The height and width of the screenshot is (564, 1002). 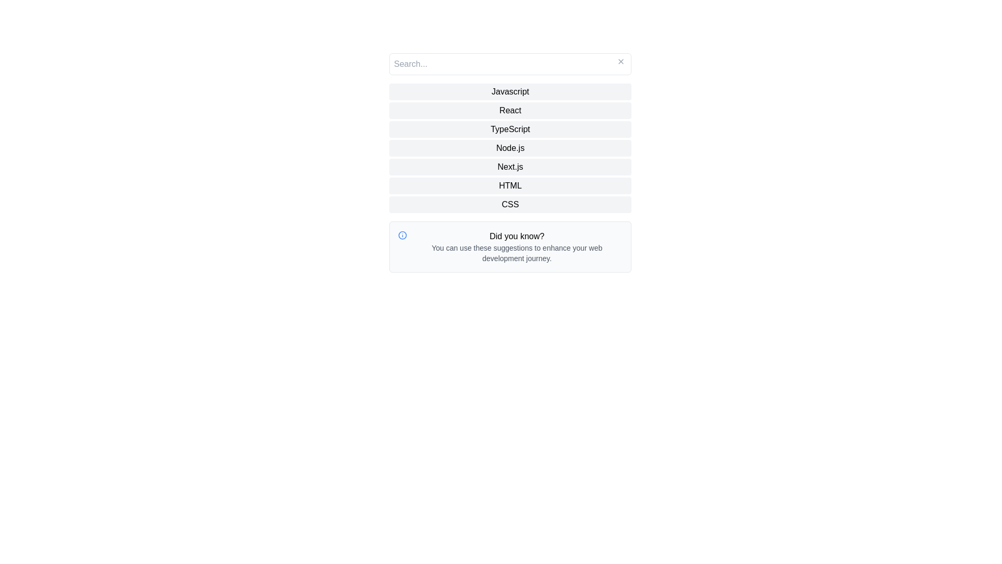 What do you see at coordinates (510, 205) in the screenshot?
I see `the 'CSS' button at the bottom of the list` at bounding box center [510, 205].